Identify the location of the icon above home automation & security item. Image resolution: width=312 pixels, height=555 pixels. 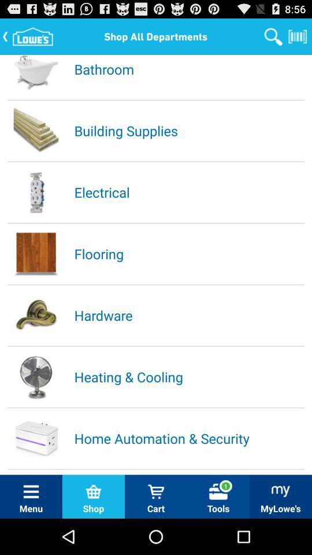
(188, 376).